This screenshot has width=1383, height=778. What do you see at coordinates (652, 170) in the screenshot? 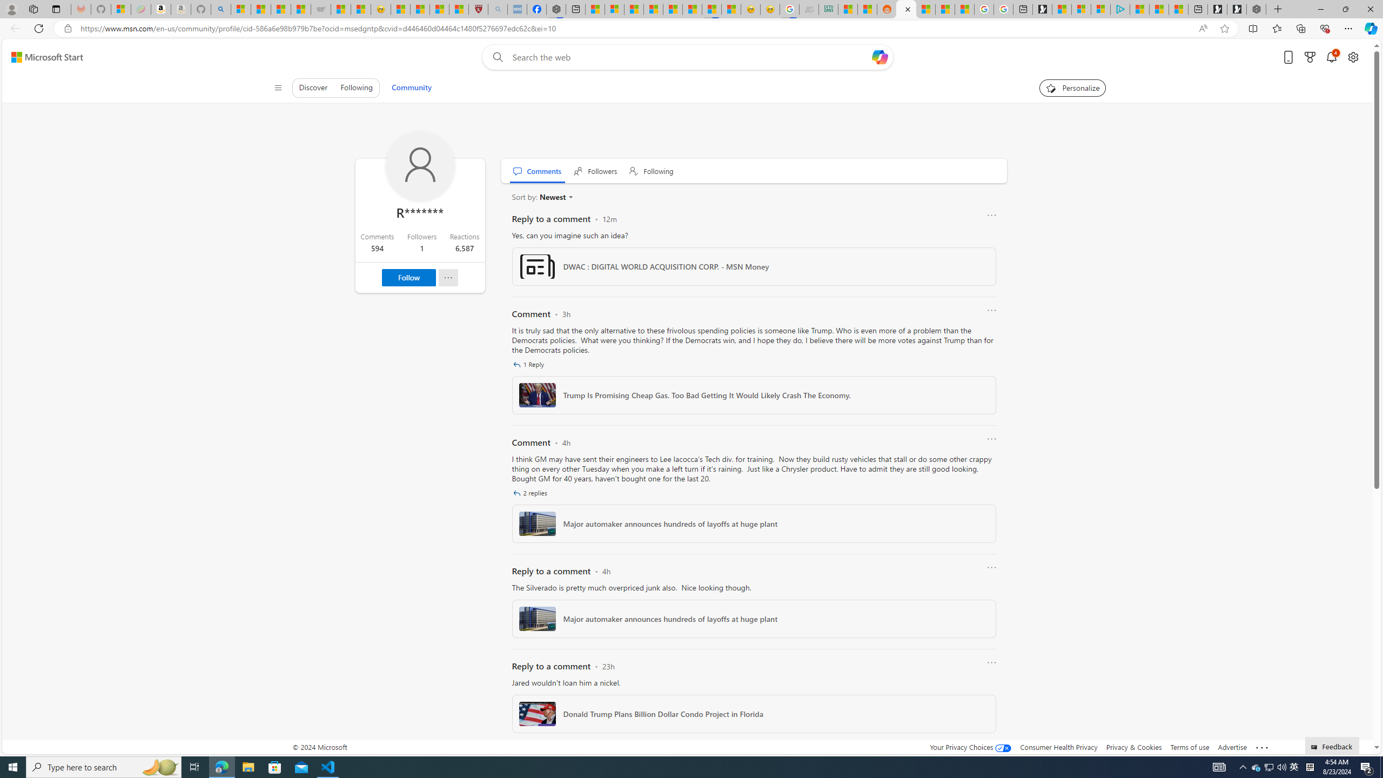
I see `' Following'` at bounding box center [652, 170].